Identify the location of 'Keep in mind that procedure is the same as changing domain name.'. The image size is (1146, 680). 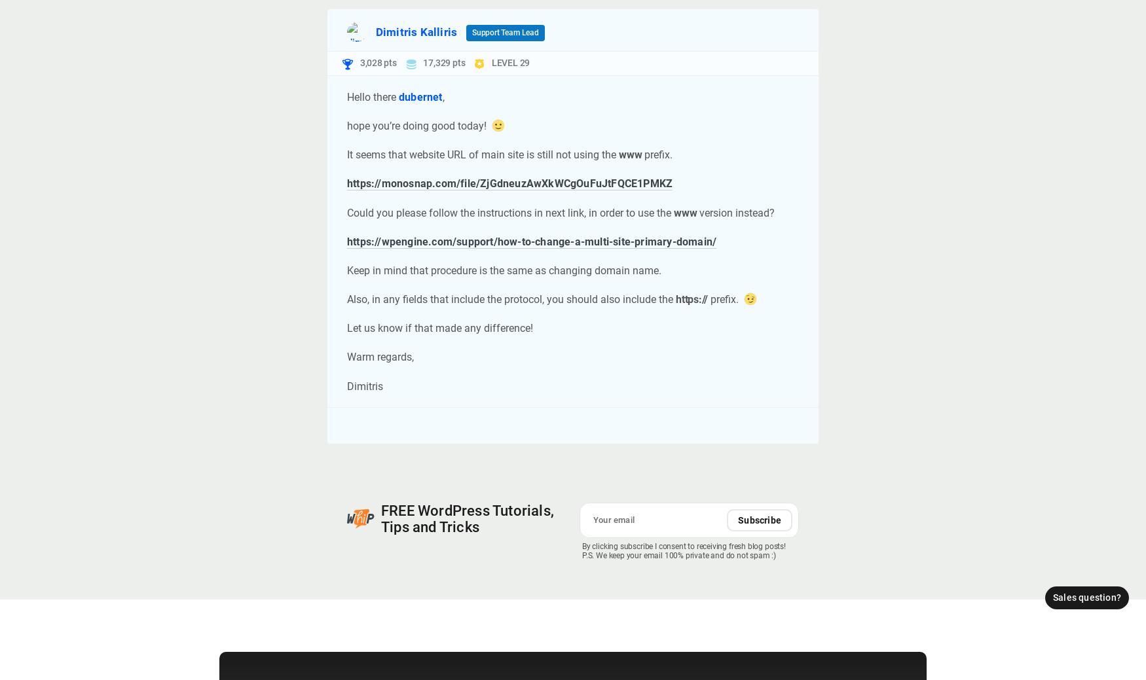
(504, 269).